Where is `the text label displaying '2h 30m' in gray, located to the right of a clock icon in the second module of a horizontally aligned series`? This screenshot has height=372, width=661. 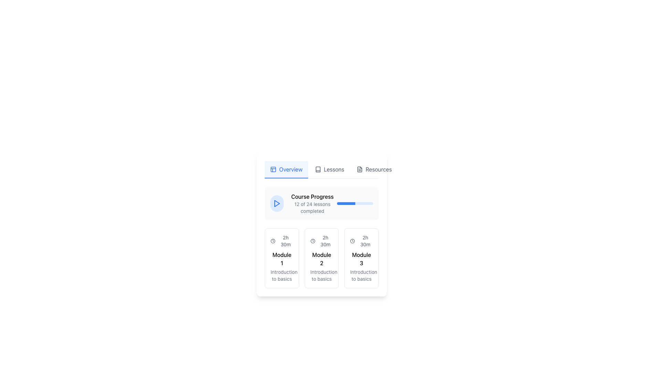
the text label displaying '2h 30m' in gray, located to the right of a clock icon in the second module of a horizontally aligned series is located at coordinates (325, 240).